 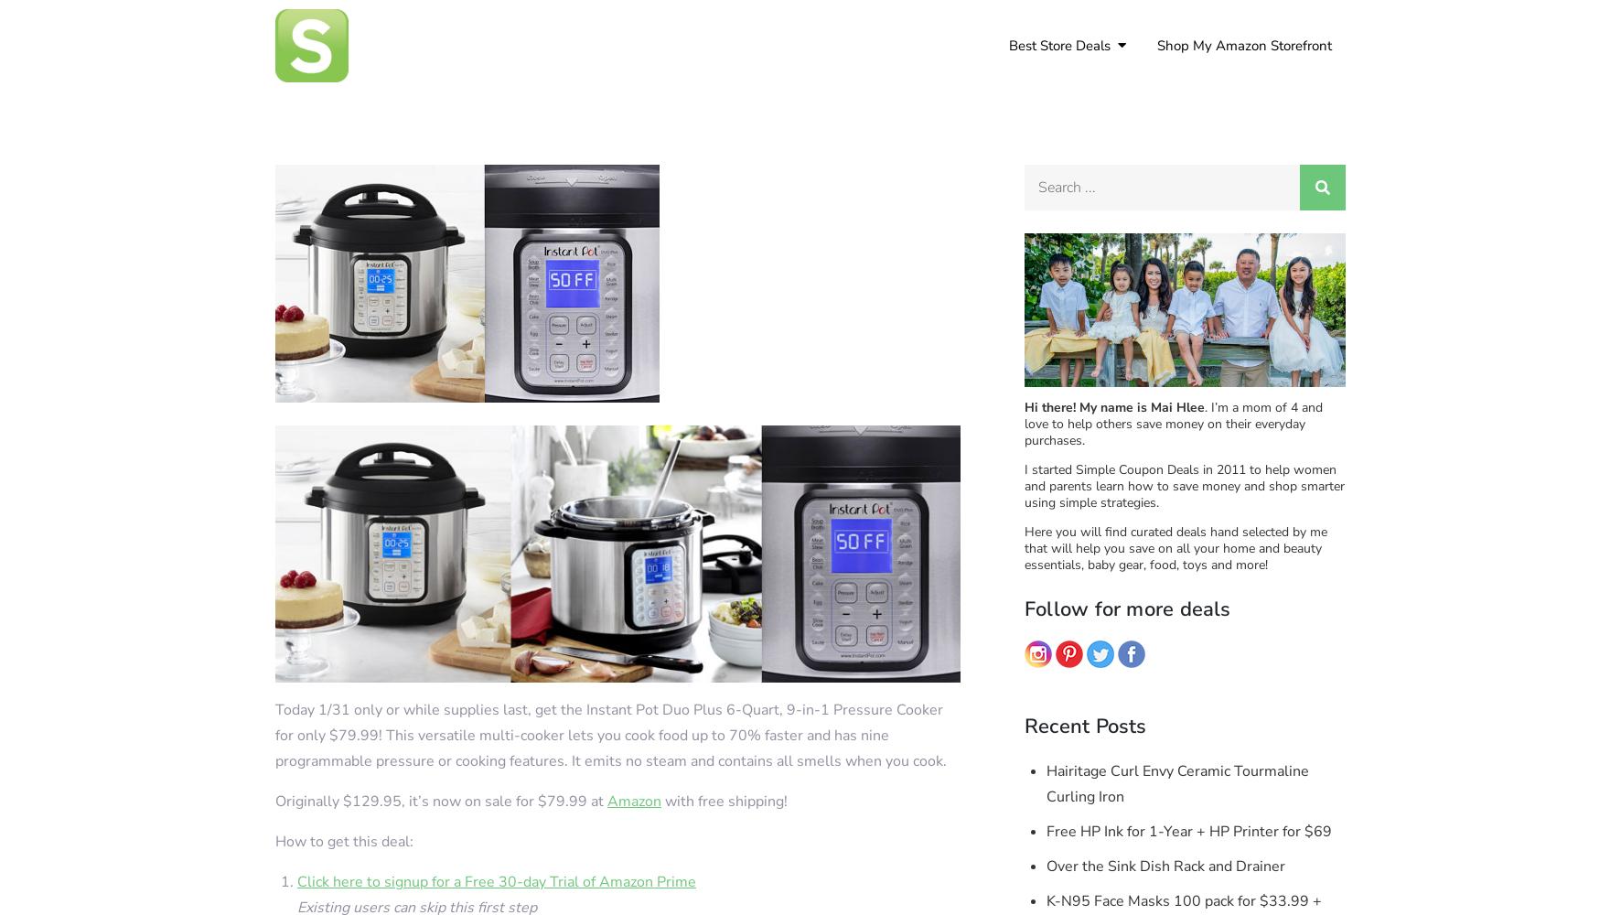 I want to click on 'Here you will find curated deals hand selected by me that will help you save on all your home and beauty essentials, baby gear, food, toys and more!', so click(x=1175, y=546).